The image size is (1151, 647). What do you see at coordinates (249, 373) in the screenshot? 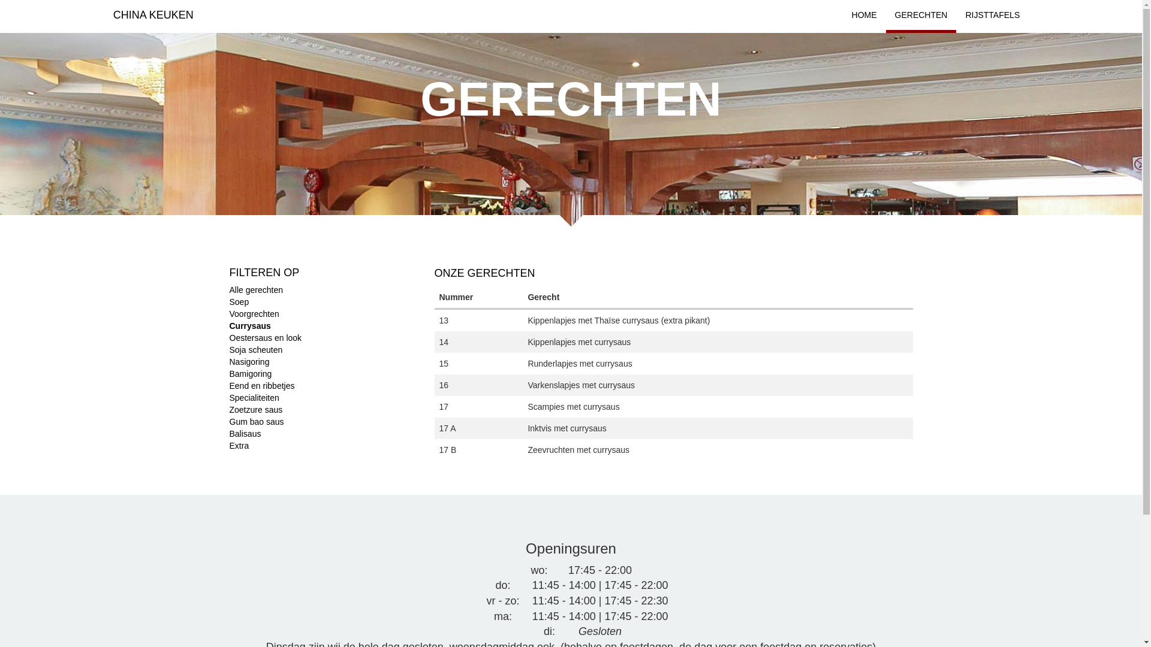
I see `'Bamigoring'` at bounding box center [249, 373].